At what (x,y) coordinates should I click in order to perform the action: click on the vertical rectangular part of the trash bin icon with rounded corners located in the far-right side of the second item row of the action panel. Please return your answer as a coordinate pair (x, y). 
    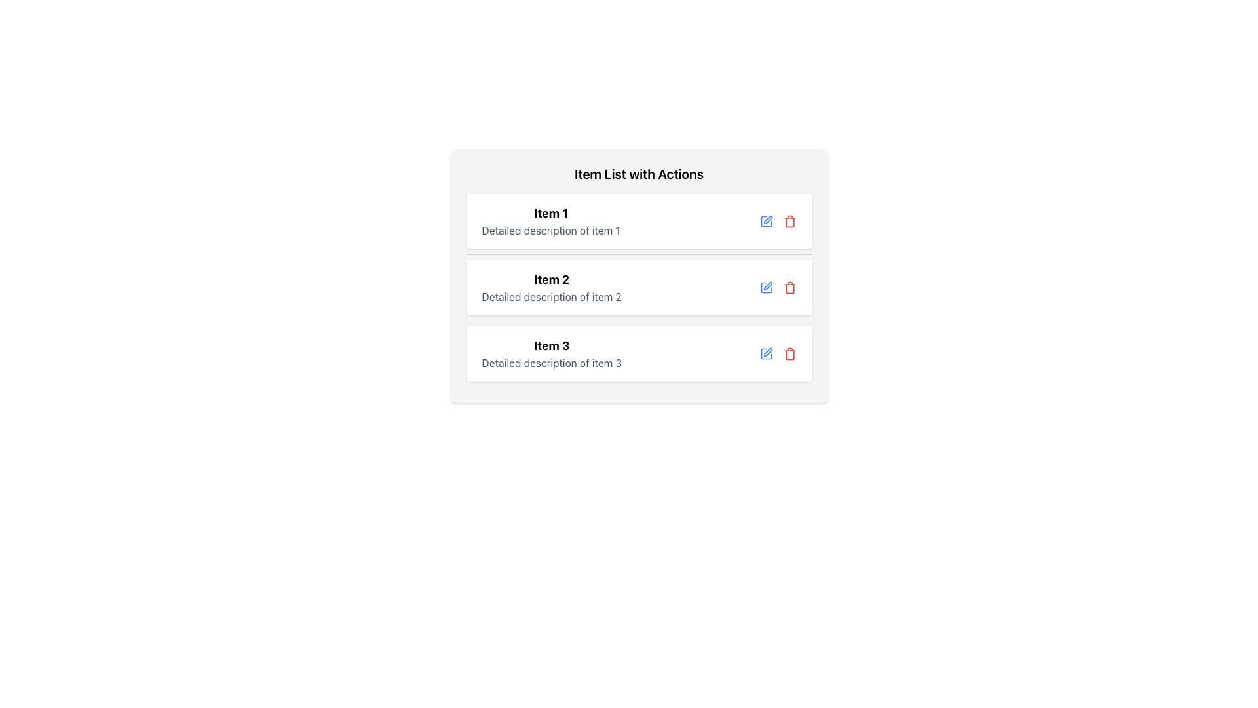
    Looking at the image, I should click on (789, 288).